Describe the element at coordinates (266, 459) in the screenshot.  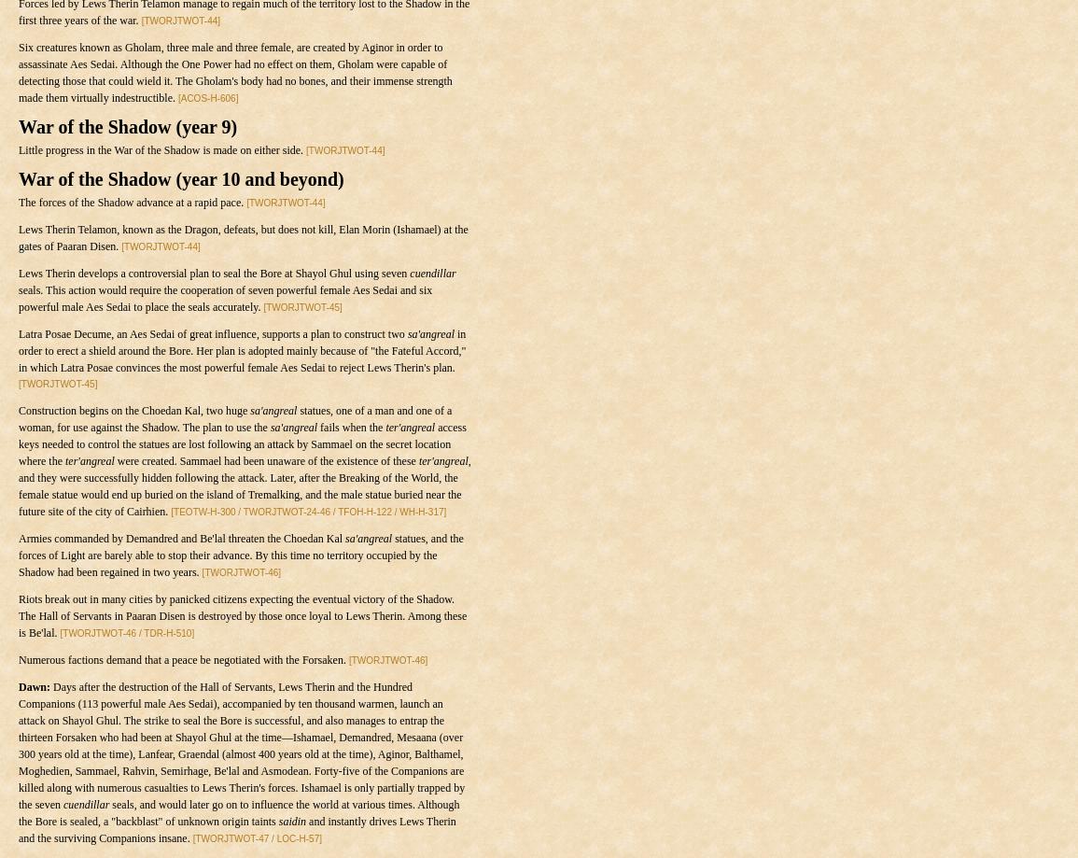
I see `'were created. Sammael had been unaware of the existence of these'` at that location.